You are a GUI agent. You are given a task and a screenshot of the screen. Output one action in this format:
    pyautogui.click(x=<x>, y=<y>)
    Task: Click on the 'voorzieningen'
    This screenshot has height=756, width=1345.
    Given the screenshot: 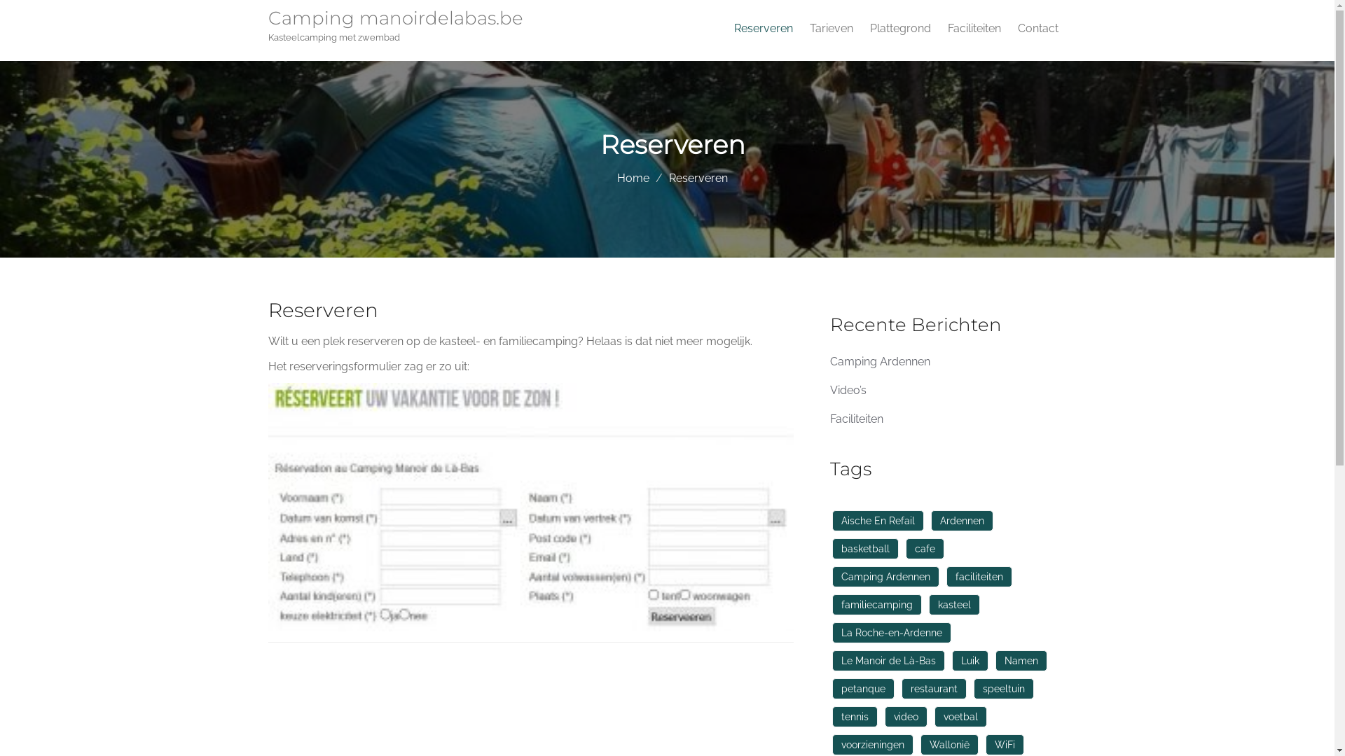 What is the action you would take?
    pyautogui.click(x=832, y=744)
    